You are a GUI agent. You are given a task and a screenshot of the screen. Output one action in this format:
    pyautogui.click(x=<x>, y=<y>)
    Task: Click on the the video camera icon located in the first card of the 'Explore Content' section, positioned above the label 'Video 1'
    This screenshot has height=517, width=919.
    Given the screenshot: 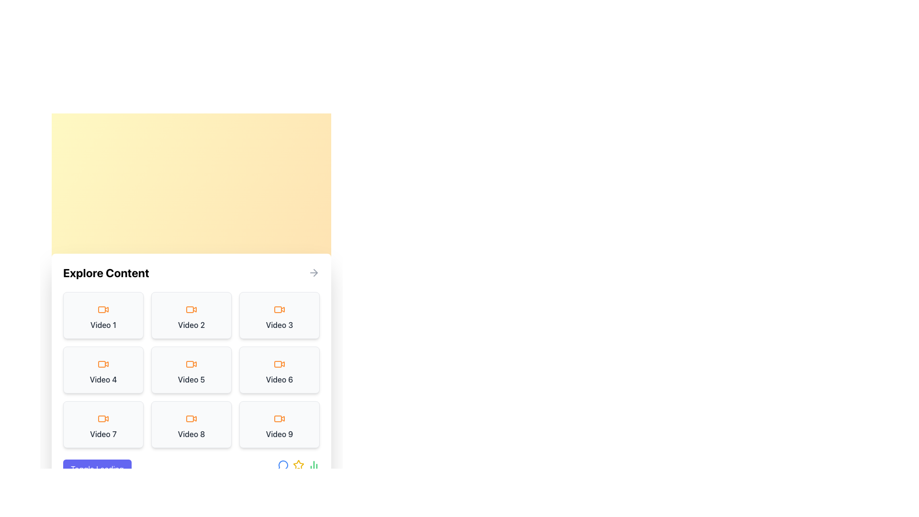 What is the action you would take?
    pyautogui.click(x=103, y=310)
    